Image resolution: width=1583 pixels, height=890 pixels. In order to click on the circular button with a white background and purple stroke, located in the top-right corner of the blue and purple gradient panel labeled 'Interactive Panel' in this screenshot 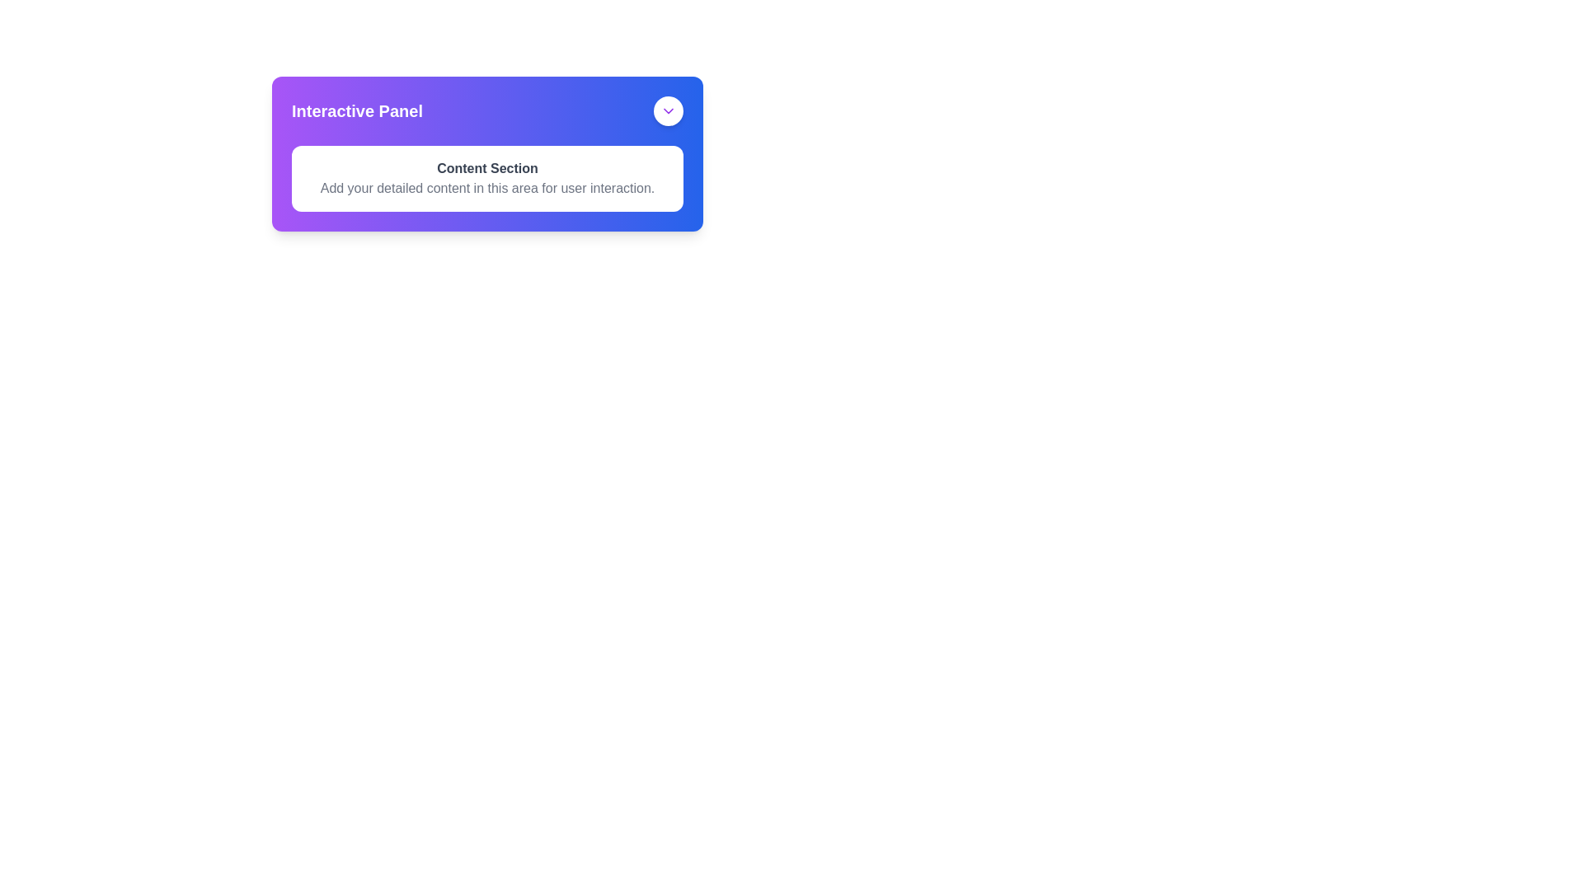, I will do `click(669, 111)`.